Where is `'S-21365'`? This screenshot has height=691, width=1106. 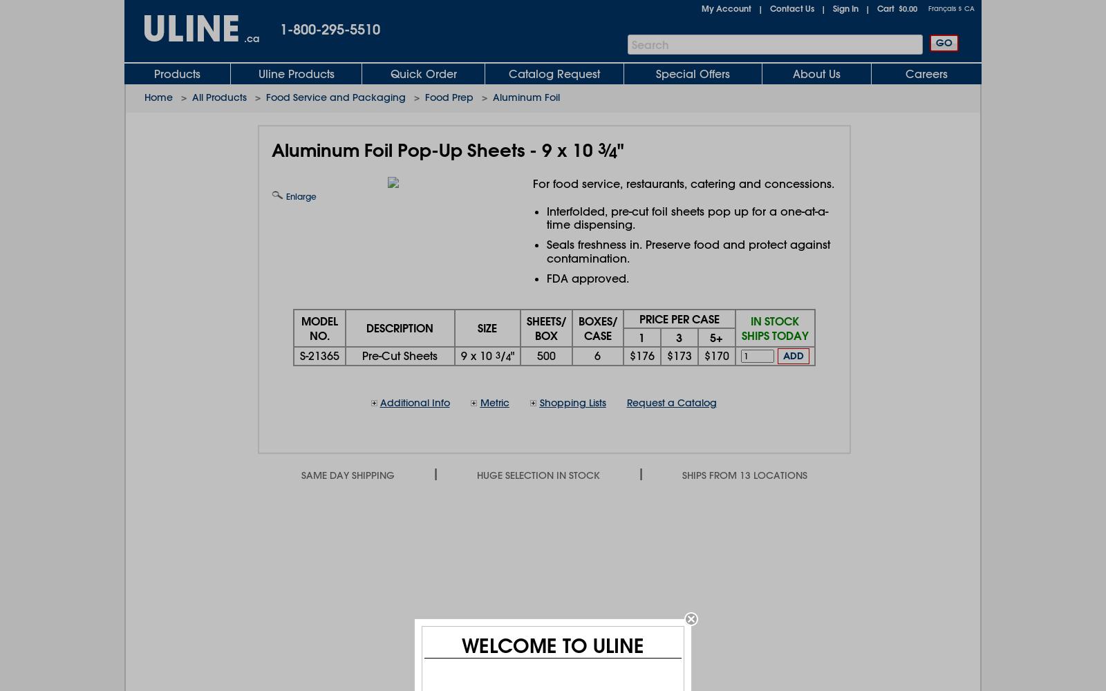
'S-21365' is located at coordinates (299, 356).